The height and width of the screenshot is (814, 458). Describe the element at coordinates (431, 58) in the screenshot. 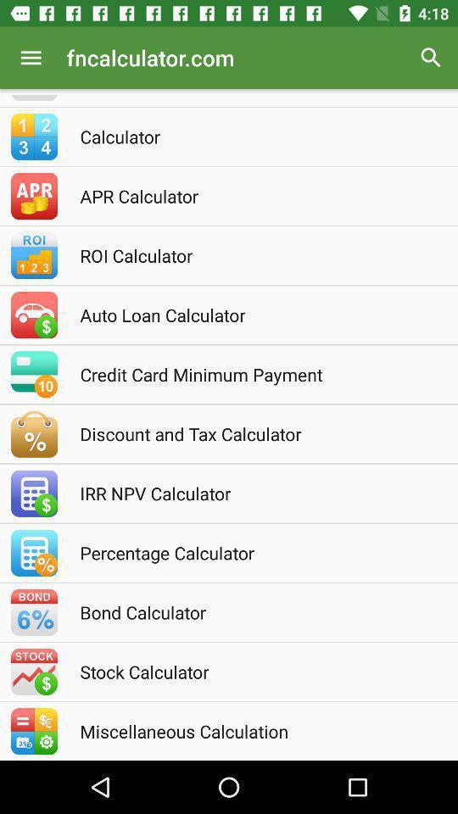

I see `icon at the top right corner` at that location.